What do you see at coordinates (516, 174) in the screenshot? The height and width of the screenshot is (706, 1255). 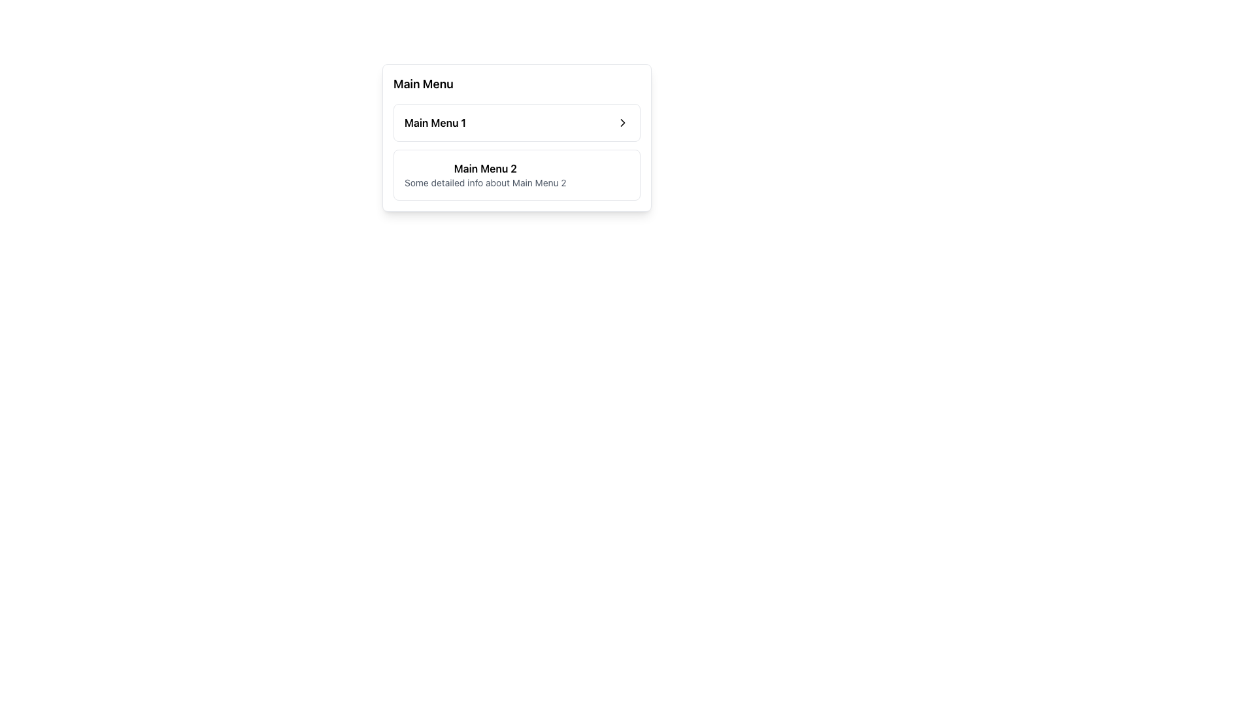 I see `the second menu item located below 'Main Menu 1'` at bounding box center [516, 174].